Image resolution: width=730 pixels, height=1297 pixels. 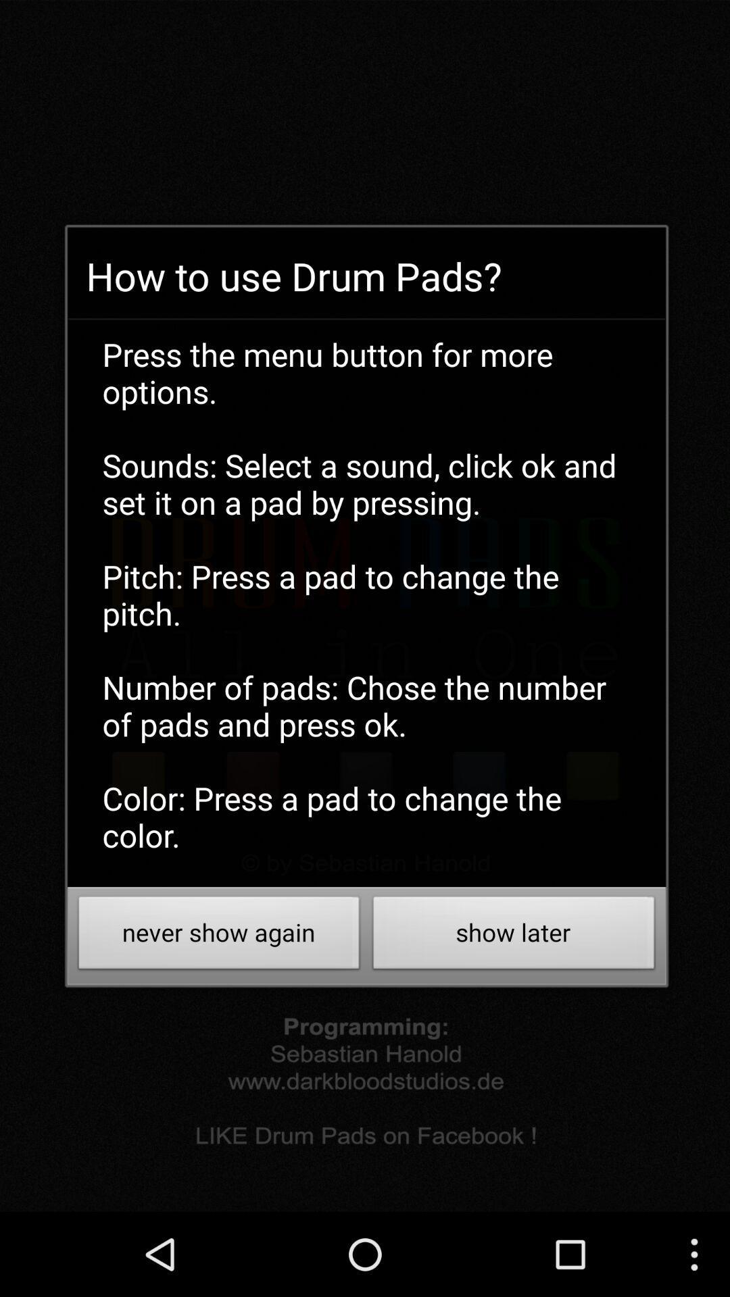 I want to click on item next to the show later button, so click(x=218, y=936).